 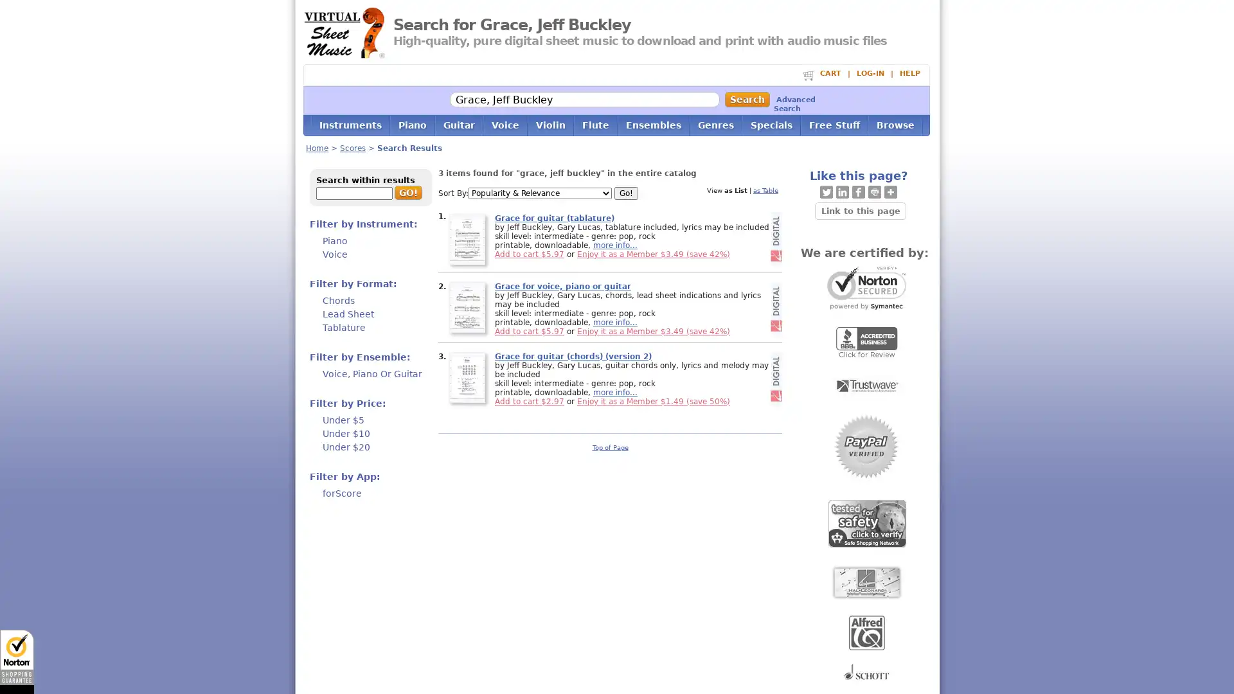 I want to click on Search, so click(x=746, y=98).